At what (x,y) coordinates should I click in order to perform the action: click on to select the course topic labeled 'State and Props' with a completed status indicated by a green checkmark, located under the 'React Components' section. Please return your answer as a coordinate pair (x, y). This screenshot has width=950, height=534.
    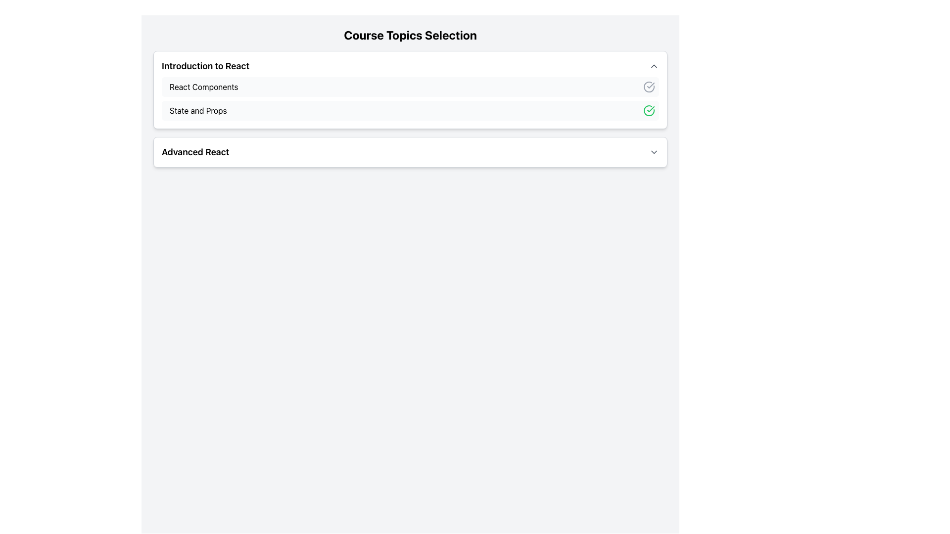
    Looking at the image, I should click on (410, 110).